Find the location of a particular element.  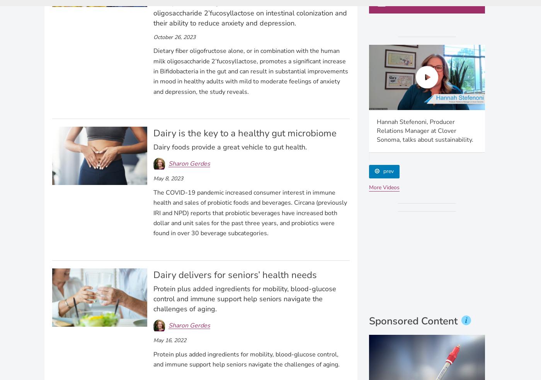

'May 8, 2023' is located at coordinates (168, 178).